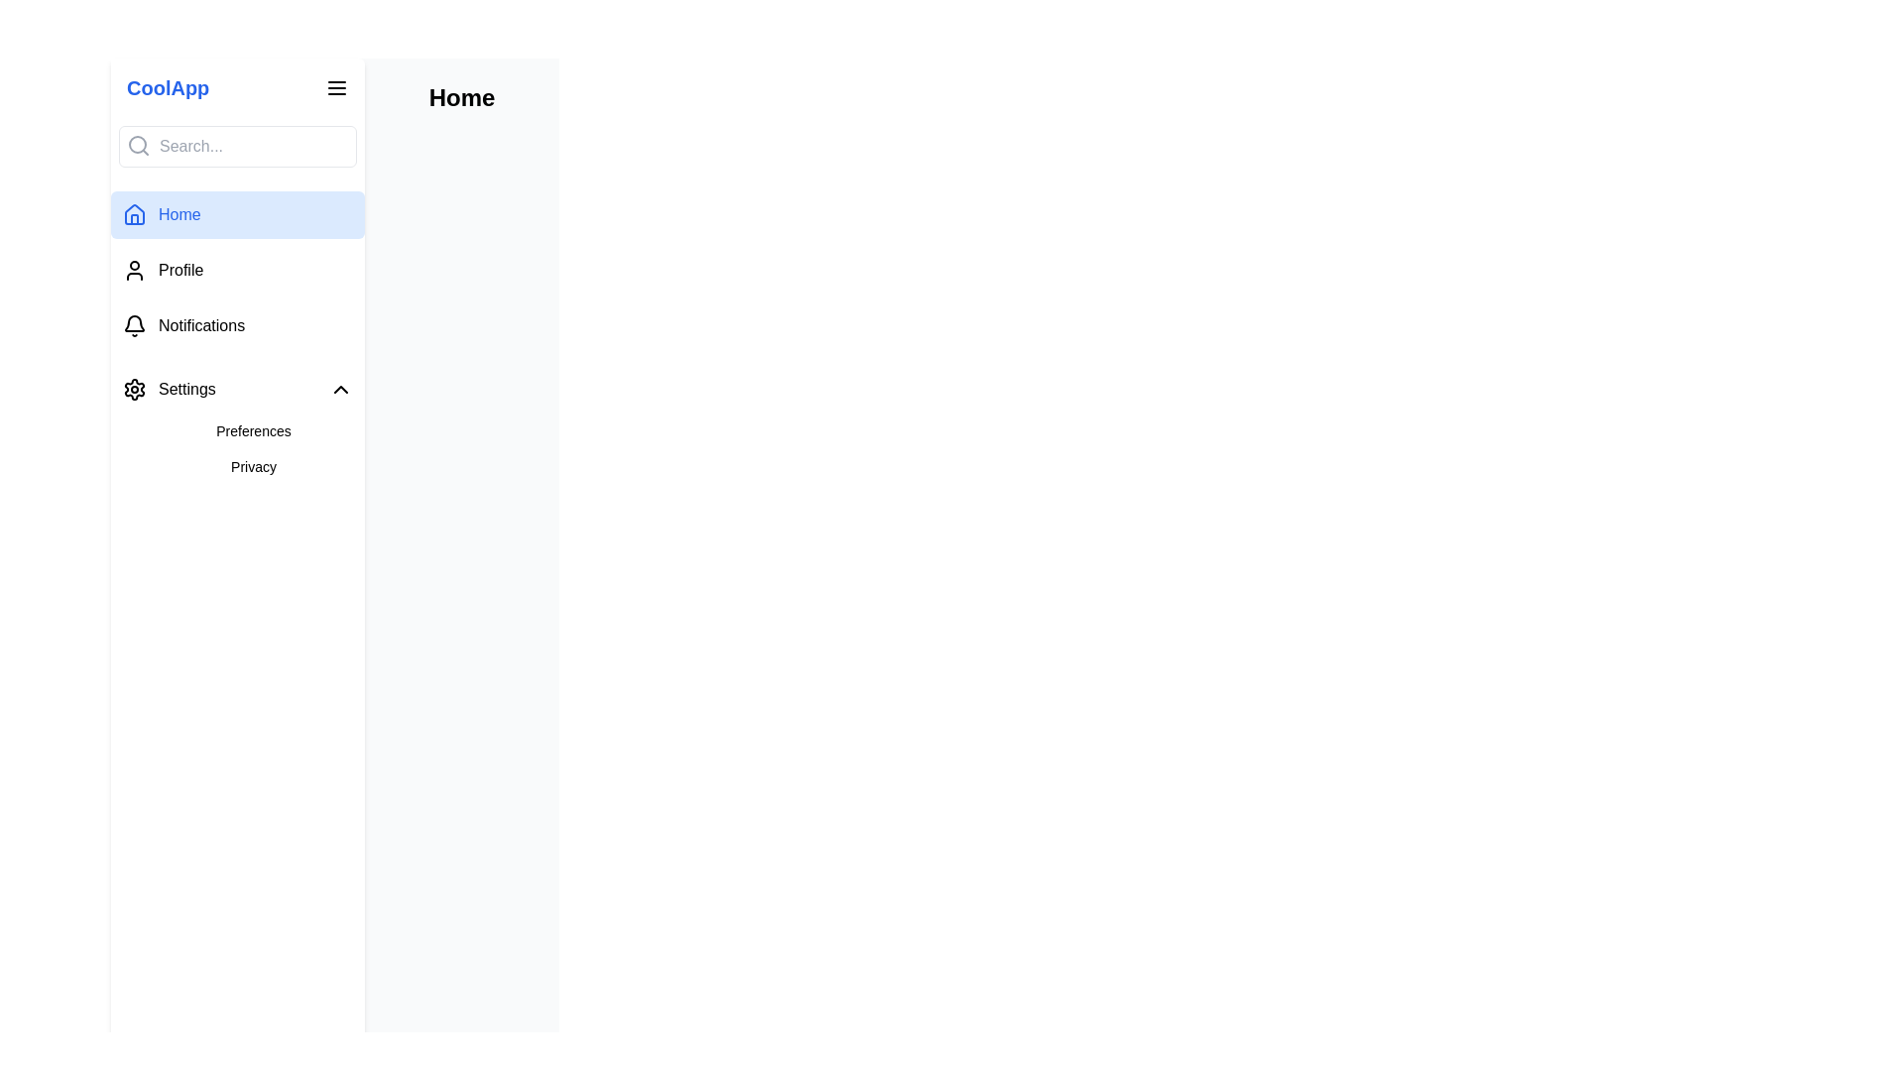 The image size is (1904, 1071). Describe the element at coordinates (169, 390) in the screenshot. I see `the 'Settings' menu item, which consists of a gear-shaped icon and the text label 'Settings', located in the sidebar menu between 'Notifications' and 'Preferences'` at that location.